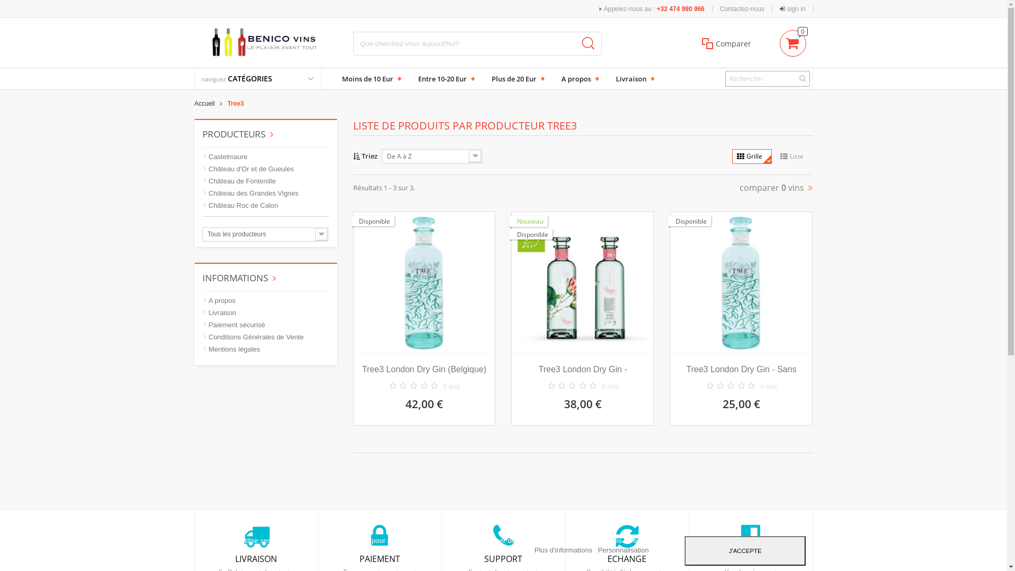  Describe the element at coordinates (776, 187) in the screenshot. I see `'comparer 0 vins'` at that location.